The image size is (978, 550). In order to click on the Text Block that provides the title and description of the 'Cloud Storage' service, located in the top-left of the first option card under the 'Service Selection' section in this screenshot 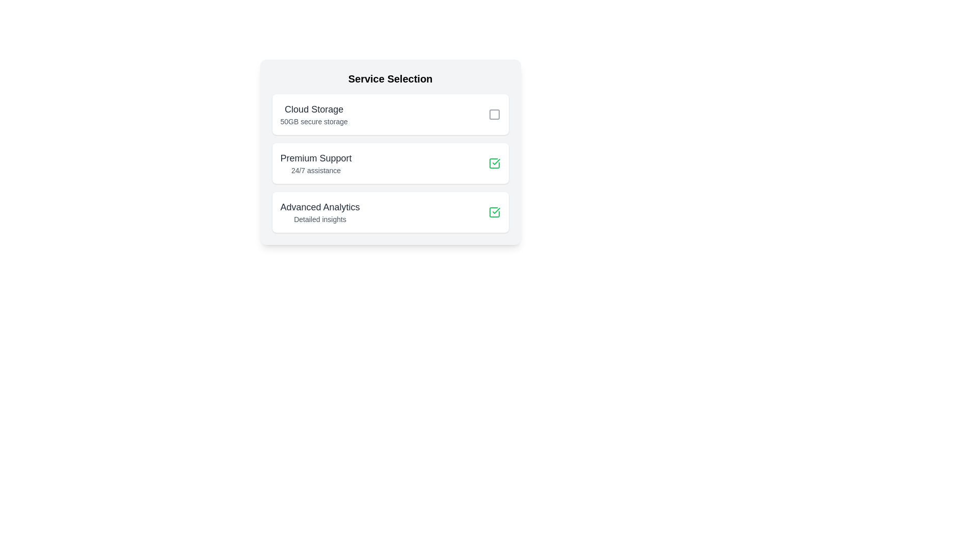, I will do `click(313, 114)`.